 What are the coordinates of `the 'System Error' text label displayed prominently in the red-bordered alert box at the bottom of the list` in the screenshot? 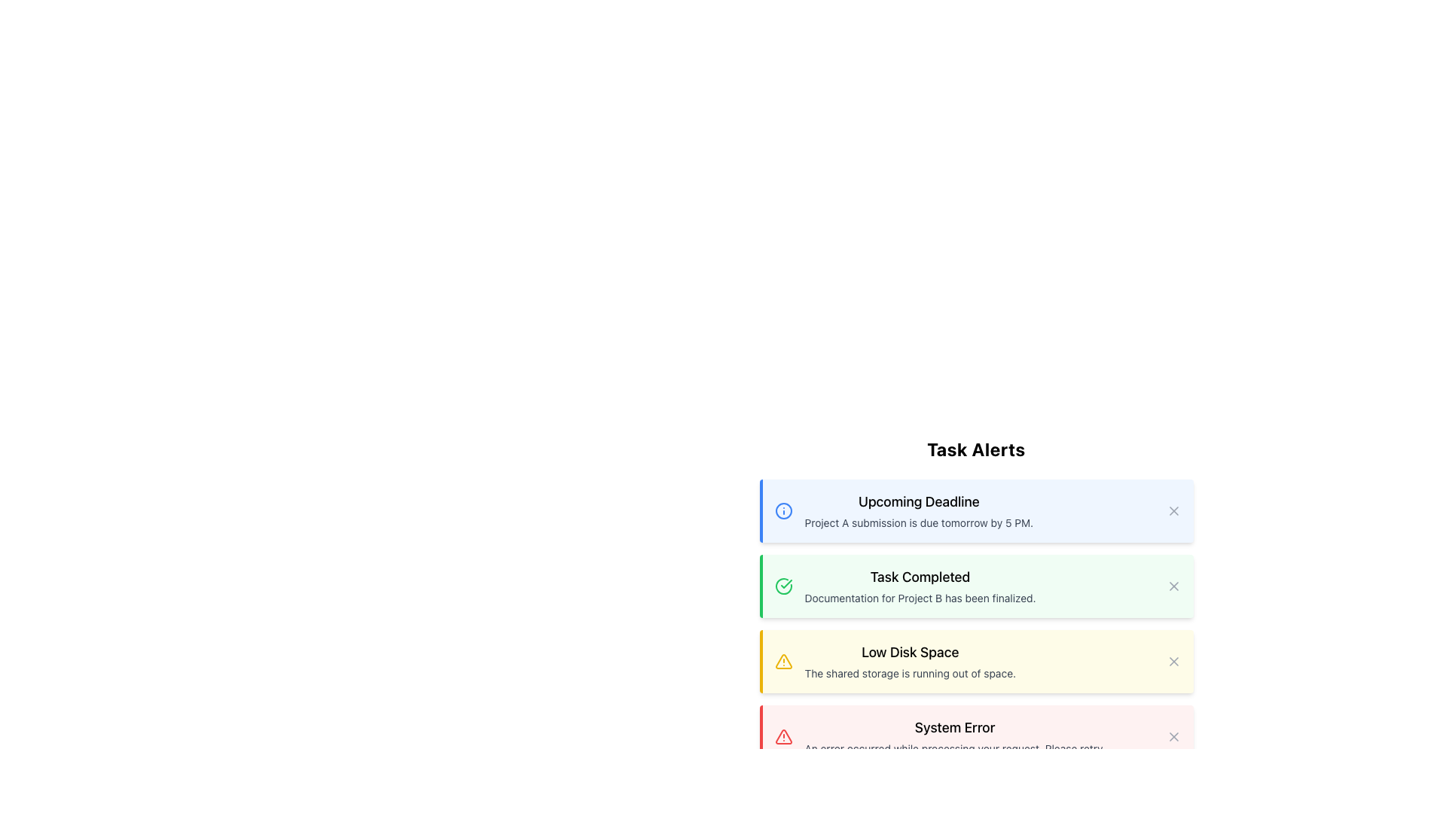 It's located at (953, 727).